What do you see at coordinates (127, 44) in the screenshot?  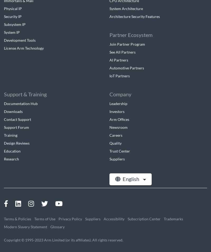 I see `'Join Partner Program'` at bounding box center [127, 44].